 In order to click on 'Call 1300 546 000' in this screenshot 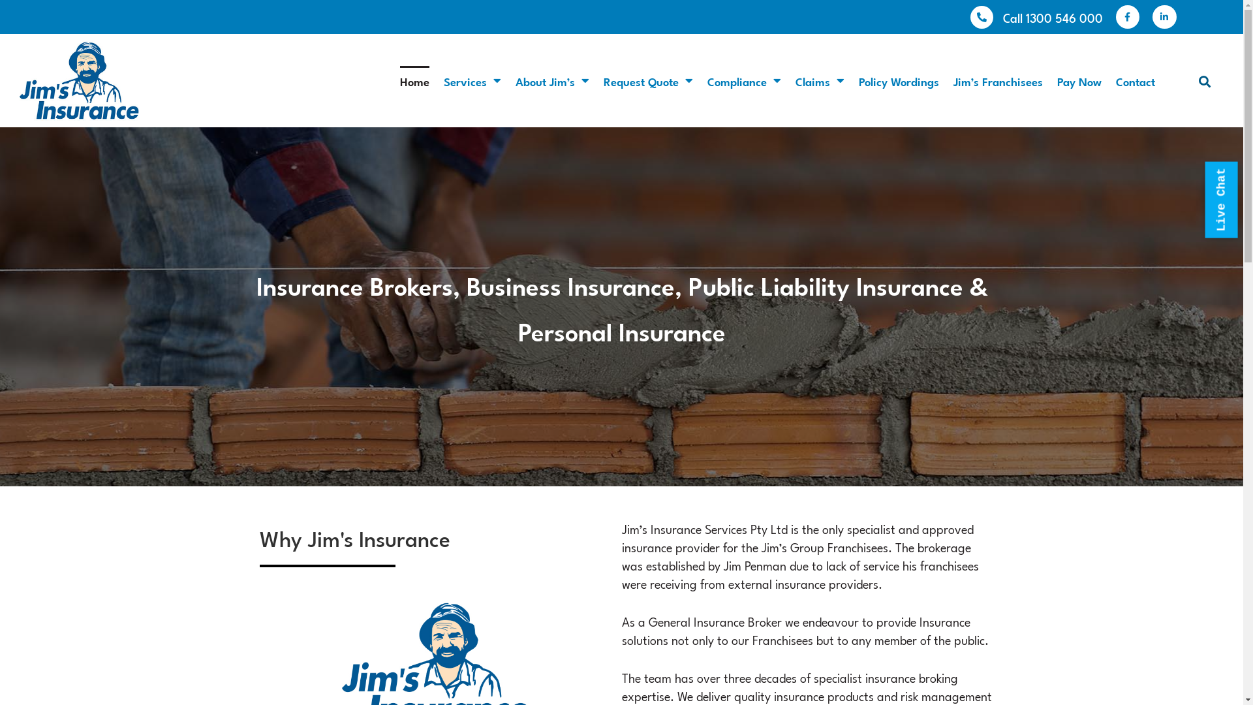, I will do `click(1002, 17)`.